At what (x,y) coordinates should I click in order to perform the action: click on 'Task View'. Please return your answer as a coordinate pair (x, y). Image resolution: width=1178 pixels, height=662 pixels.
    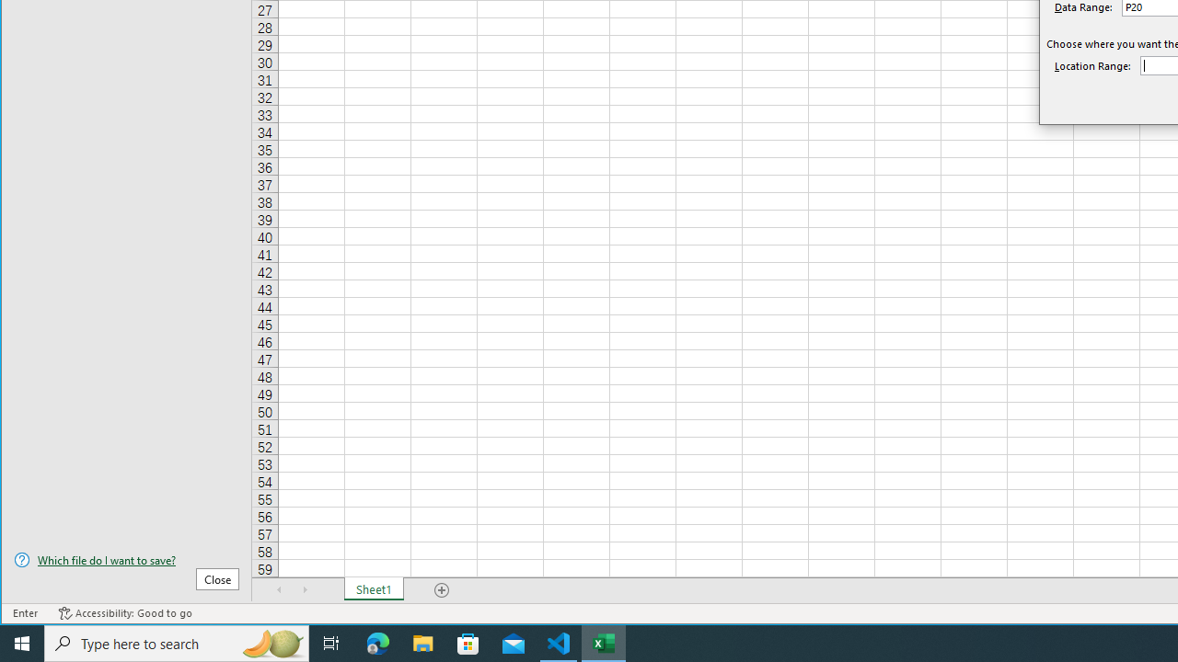
    Looking at the image, I should click on (330, 642).